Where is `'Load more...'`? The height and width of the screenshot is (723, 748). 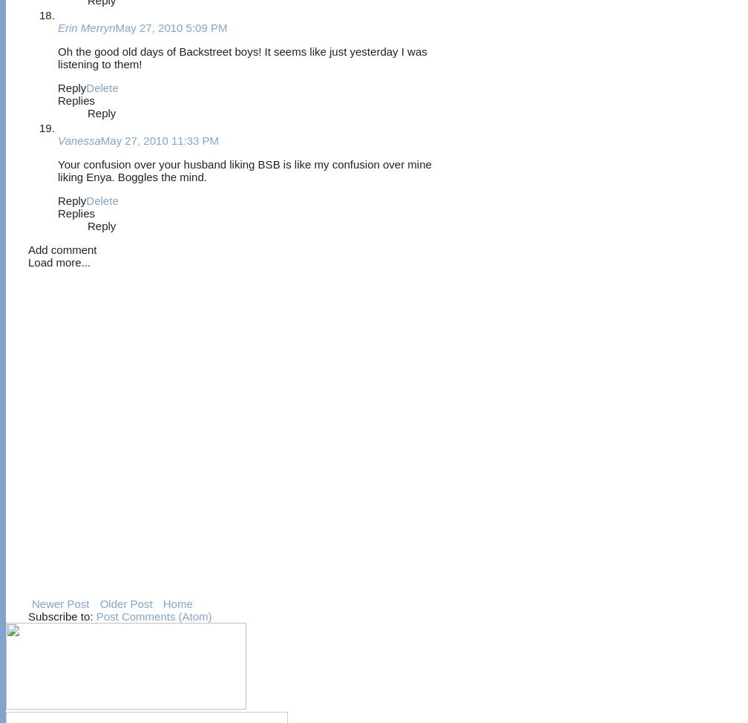
'Load more...' is located at coordinates (59, 261).